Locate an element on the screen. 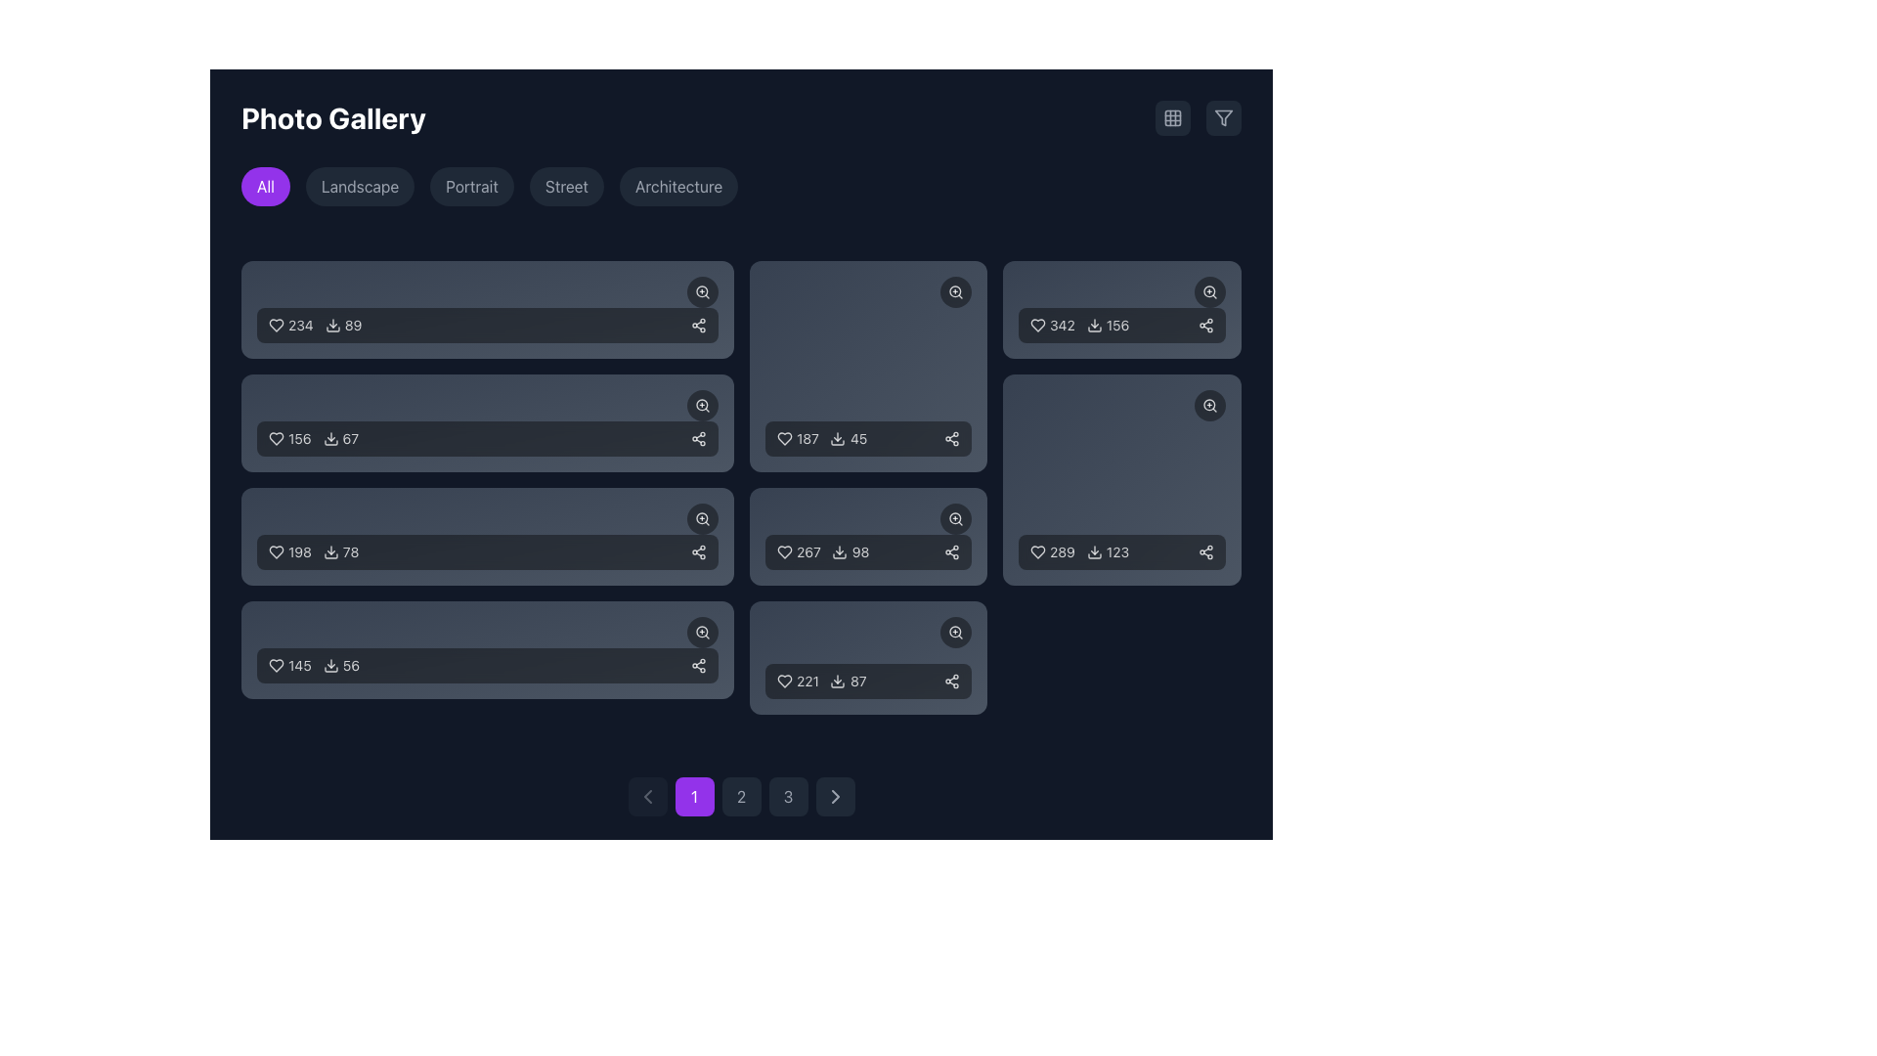 This screenshot has height=1056, width=1877. the like or download icons on the interactive card component located in the last row and third column of the gallery grid is located at coordinates (867, 657).